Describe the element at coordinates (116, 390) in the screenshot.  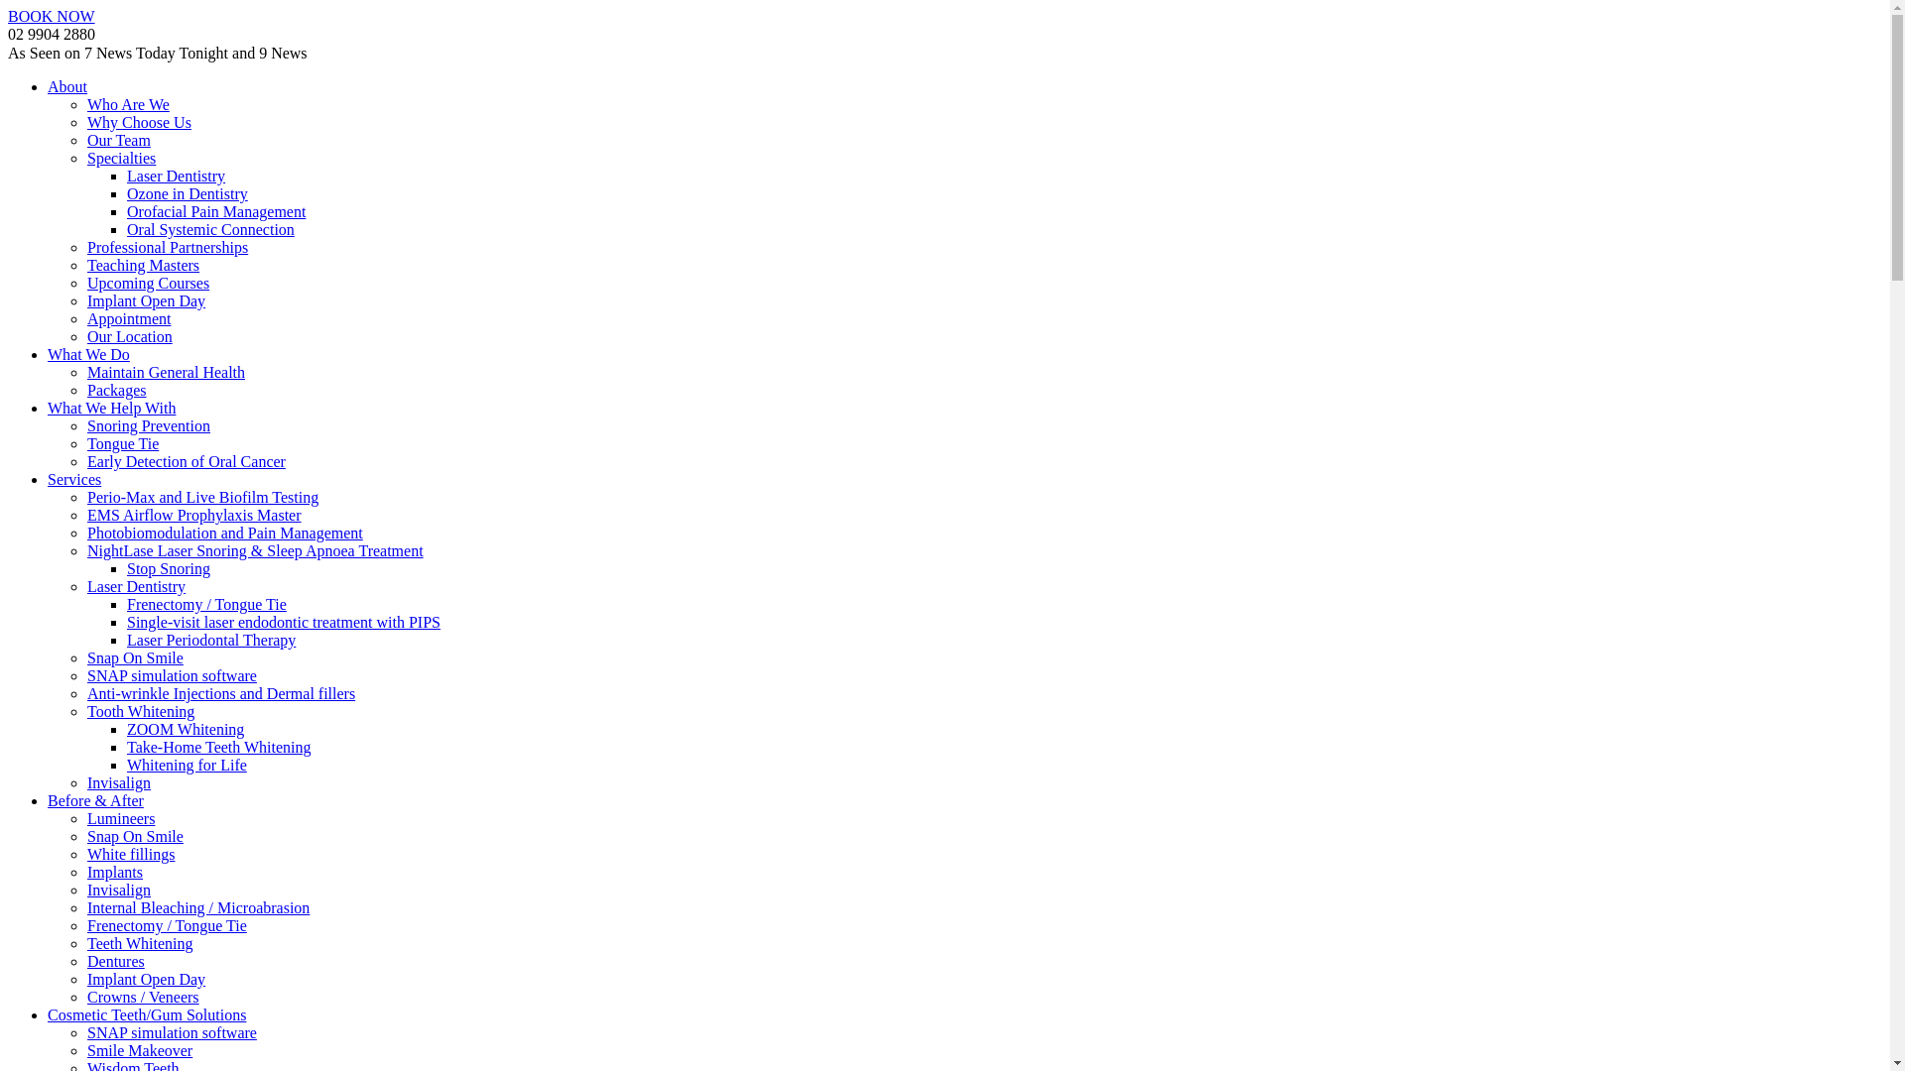
I see `'Packages'` at that location.